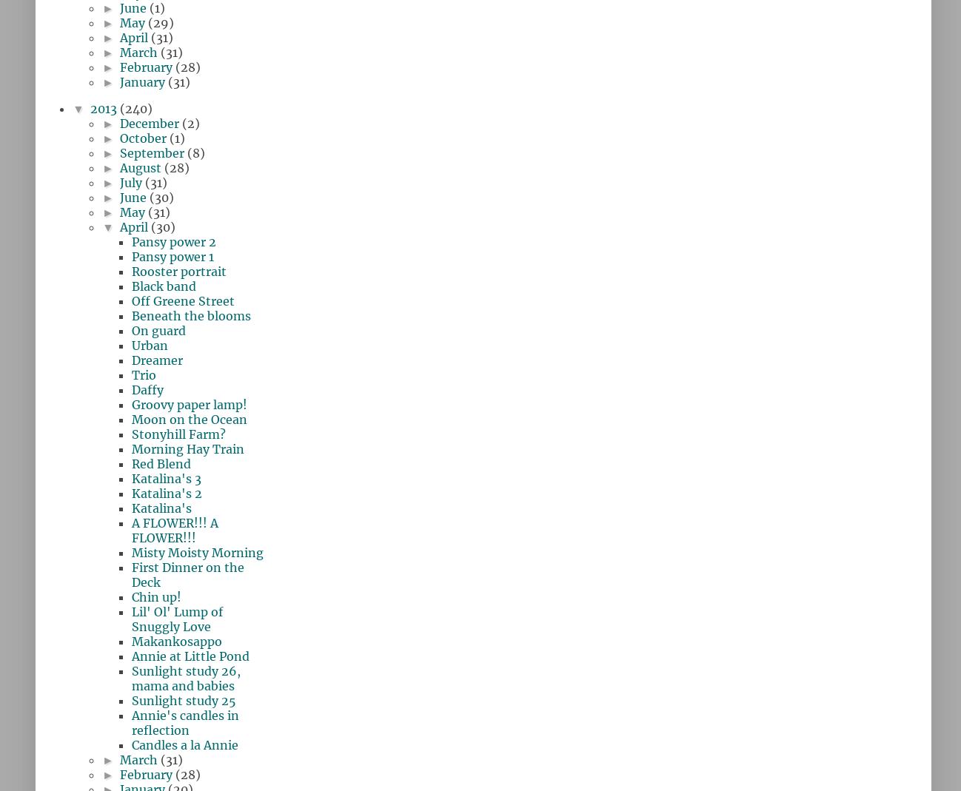  What do you see at coordinates (178, 271) in the screenshot?
I see `'Rooster portrait'` at bounding box center [178, 271].